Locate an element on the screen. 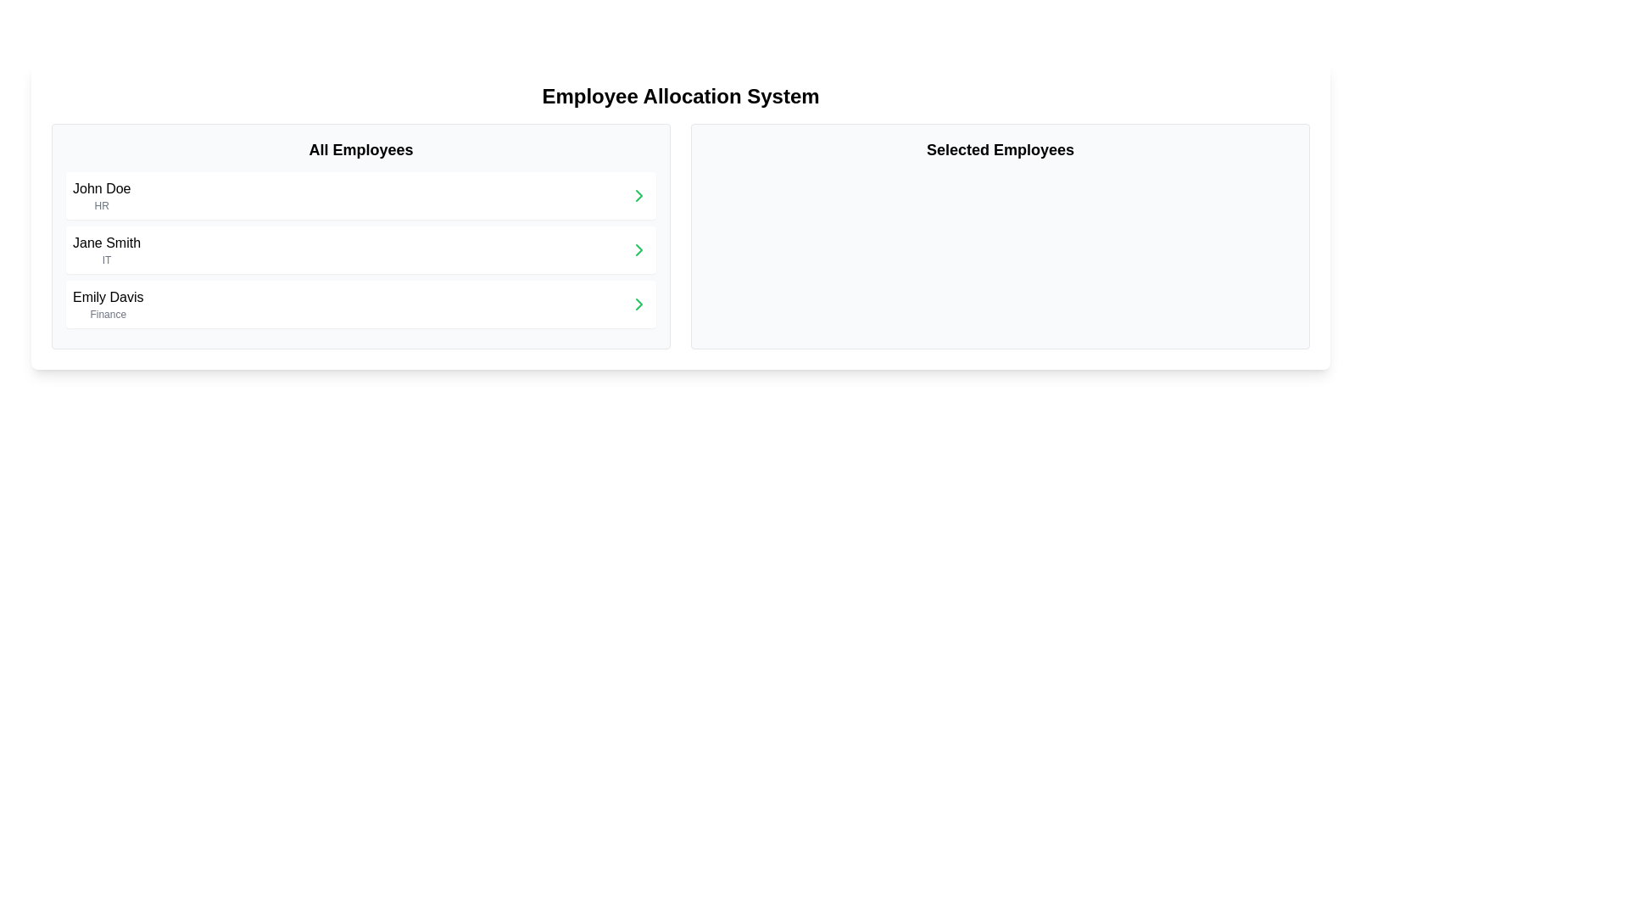 The width and height of the screenshot is (1628, 916). the 'HR' text label that displays the department associated with the employee 'John Doe' in the 'All Employees' section is located at coordinates (101, 205).